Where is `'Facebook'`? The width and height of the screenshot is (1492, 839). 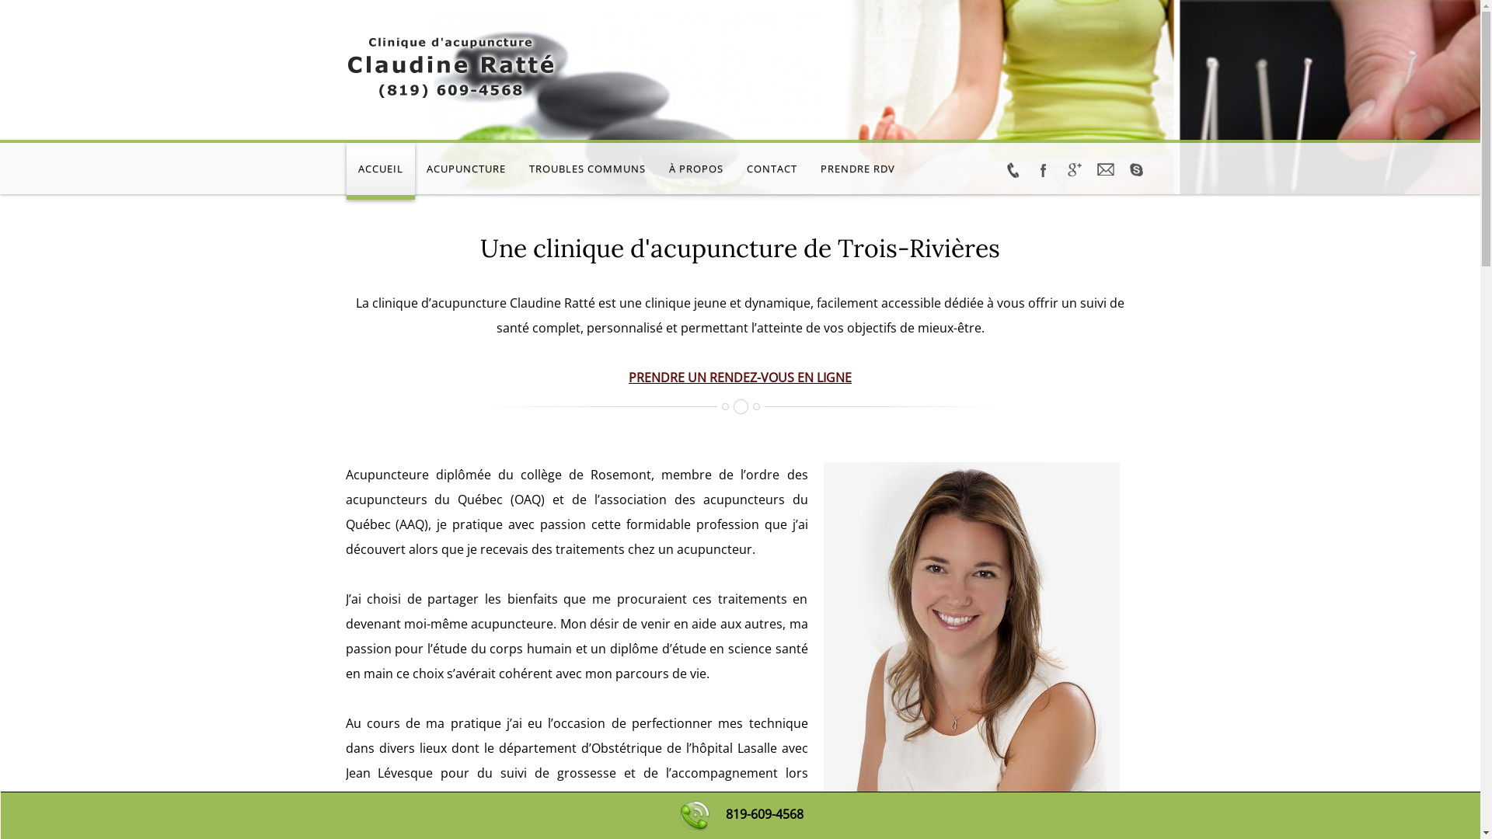
'Facebook' is located at coordinates (1043, 170).